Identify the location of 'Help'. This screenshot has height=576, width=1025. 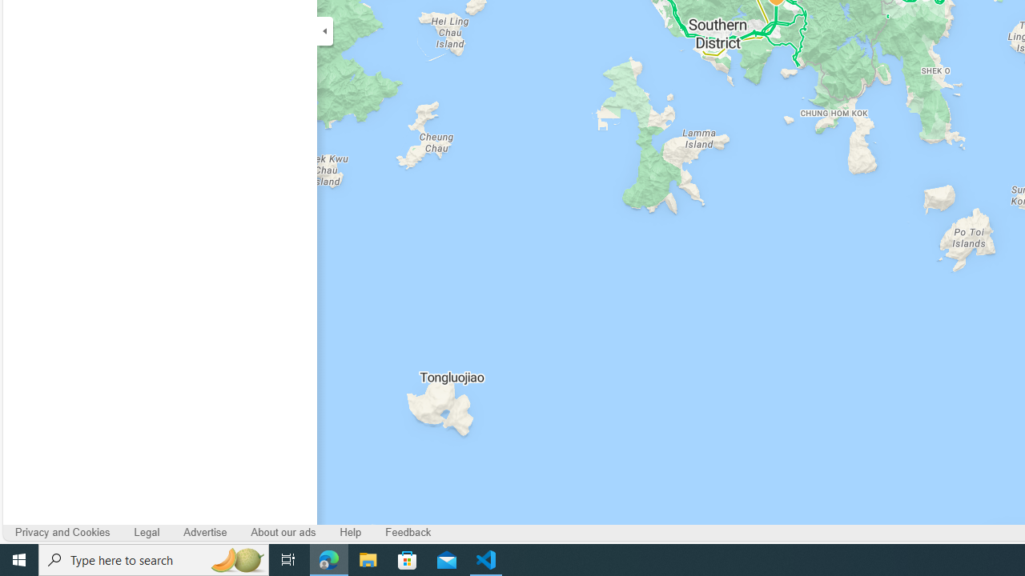
(349, 532).